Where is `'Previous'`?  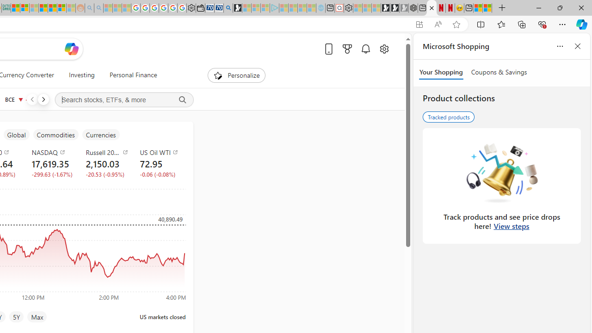
'Previous' is located at coordinates (32, 99).